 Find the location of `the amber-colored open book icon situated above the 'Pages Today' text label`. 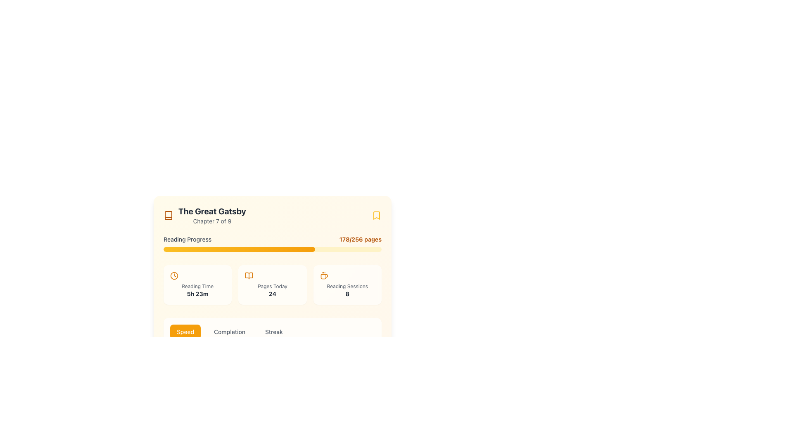

the amber-colored open book icon situated above the 'Pages Today' text label is located at coordinates (249, 275).